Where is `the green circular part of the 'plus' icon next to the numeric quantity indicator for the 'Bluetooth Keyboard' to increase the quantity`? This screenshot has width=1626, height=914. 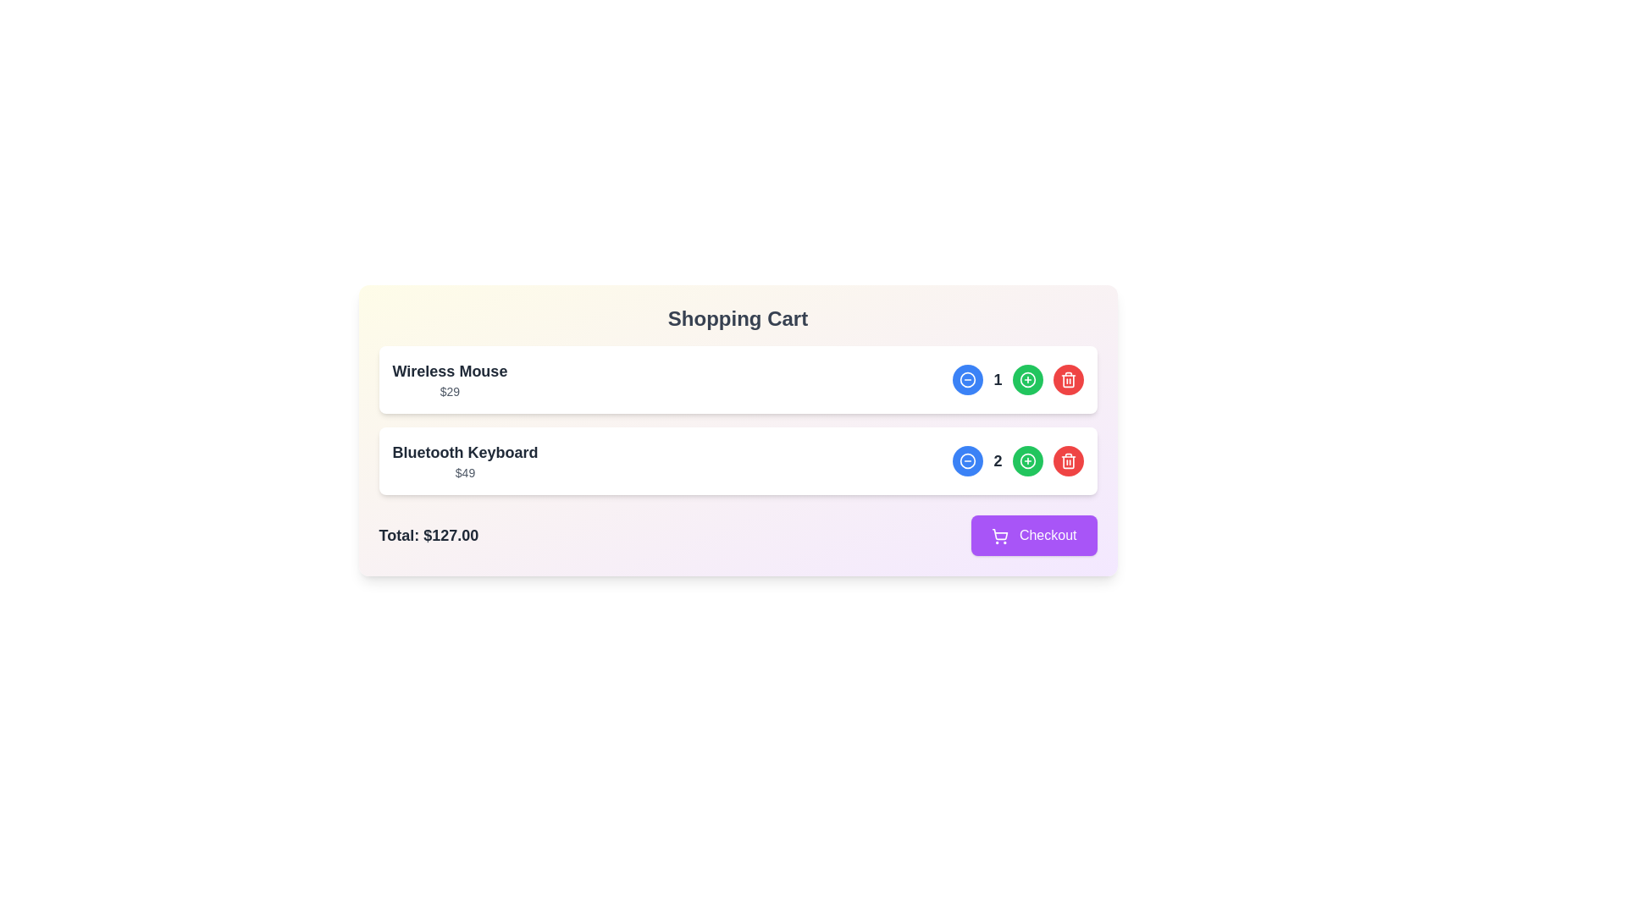 the green circular part of the 'plus' icon next to the numeric quantity indicator for the 'Bluetooth Keyboard' to increase the quantity is located at coordinates (1026, 460).